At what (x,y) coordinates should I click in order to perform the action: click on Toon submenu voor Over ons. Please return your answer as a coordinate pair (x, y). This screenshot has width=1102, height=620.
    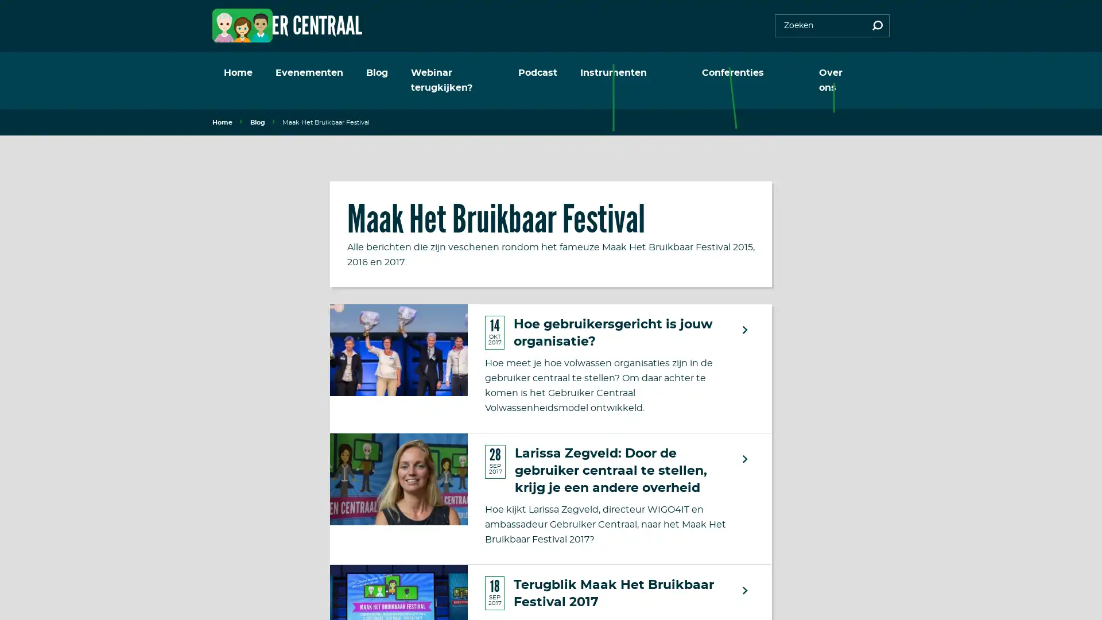
    Looking at the image, I should click on (867, 73).